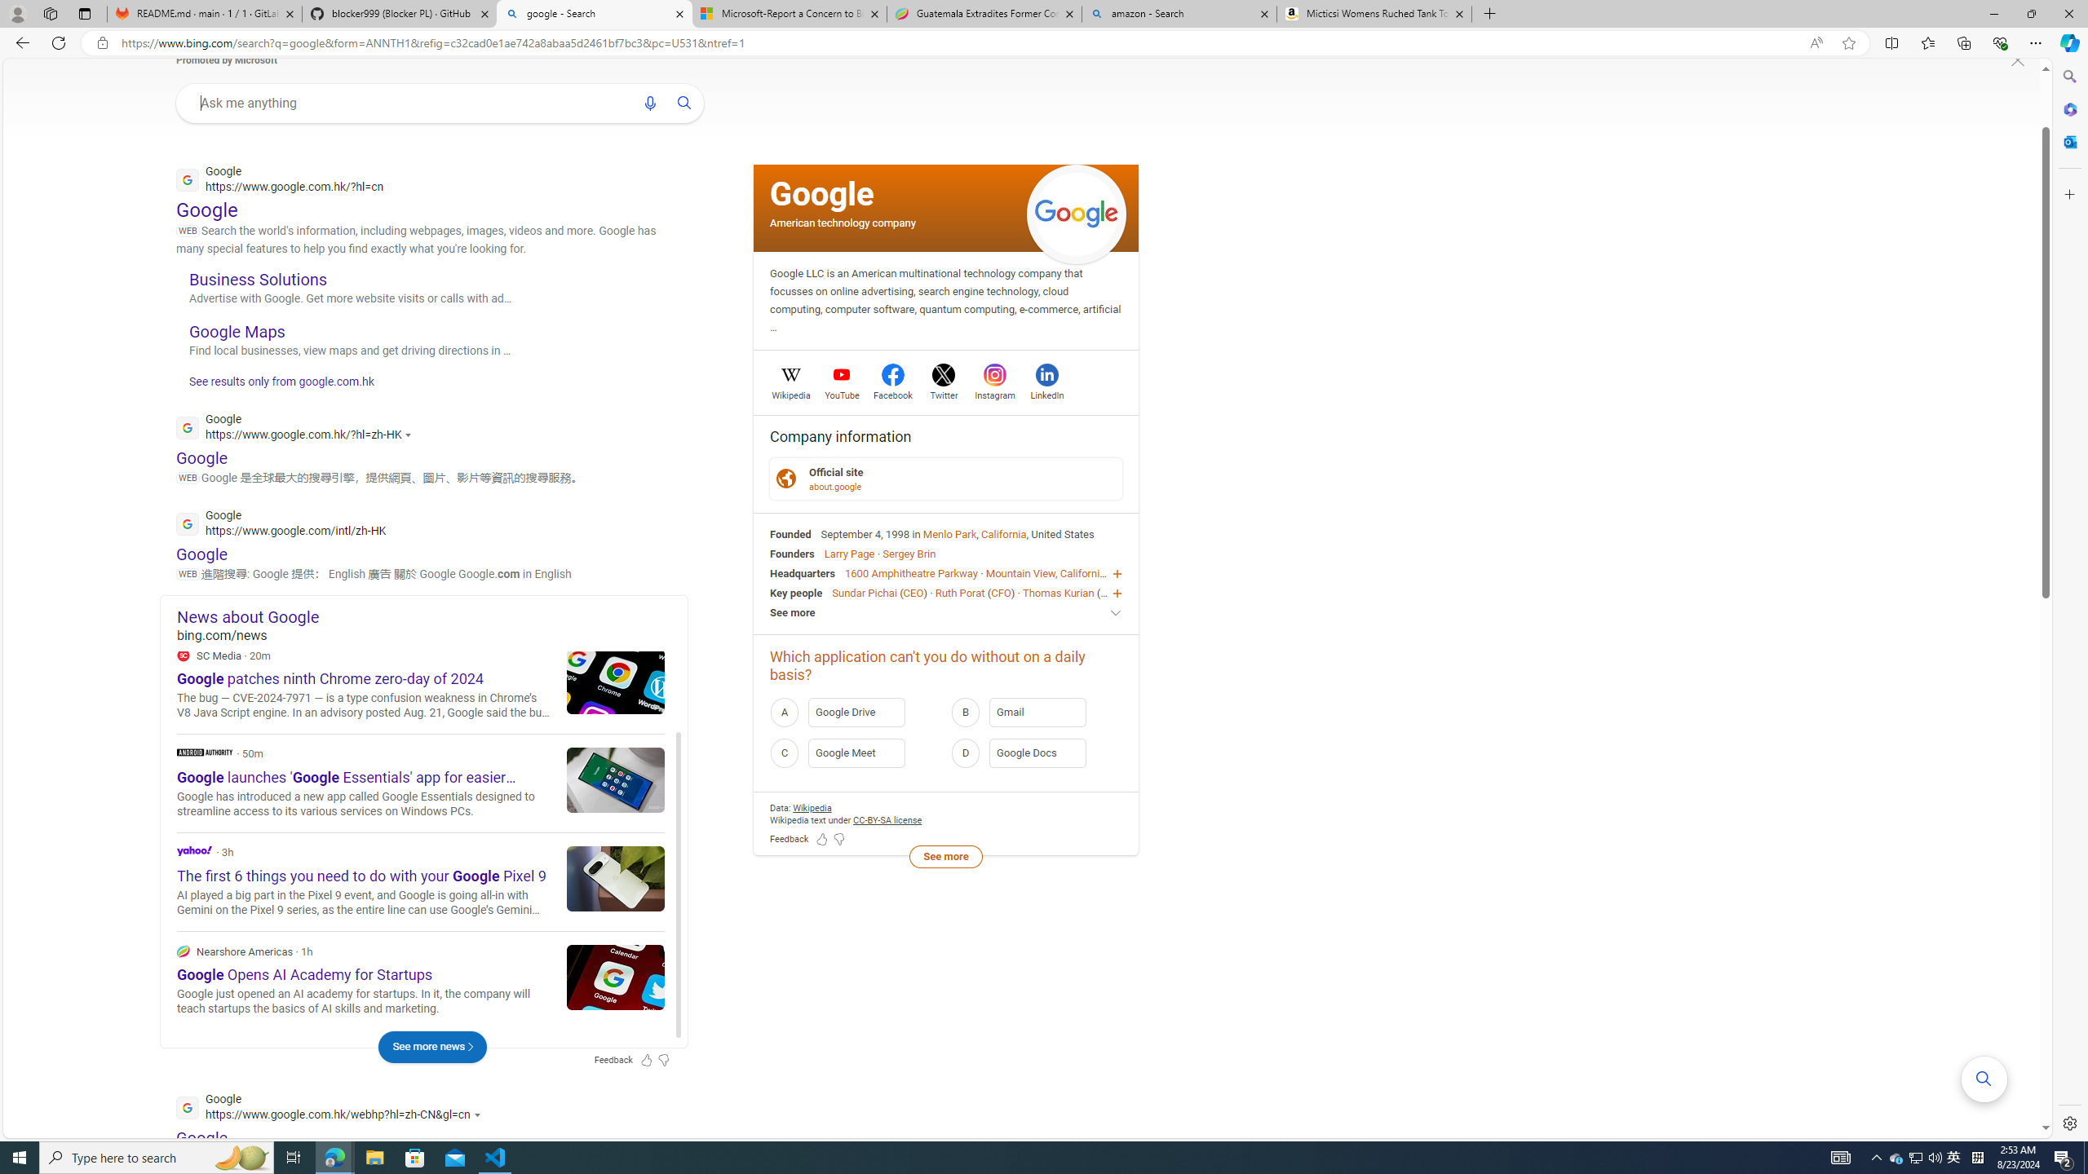  What do you see at coordinates (50, 13) in the screenshot?
I see `'Workspaces'` at bounding box center [50, 13].